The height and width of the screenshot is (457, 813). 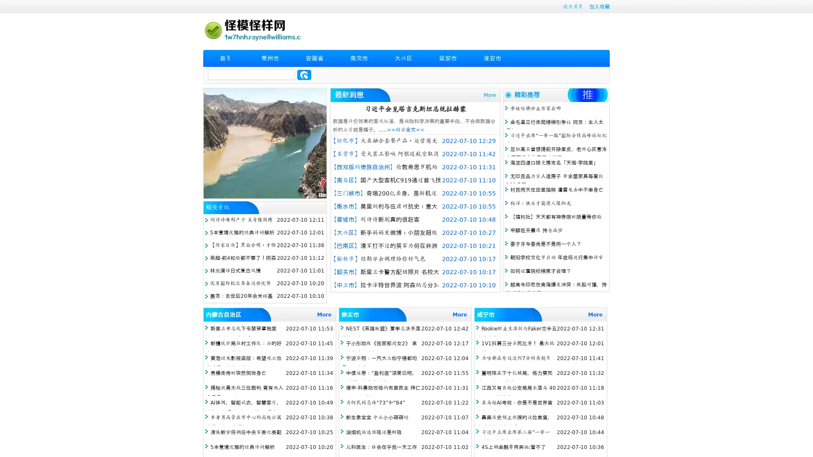 I want to click on Search, so click(x=304, y=74).